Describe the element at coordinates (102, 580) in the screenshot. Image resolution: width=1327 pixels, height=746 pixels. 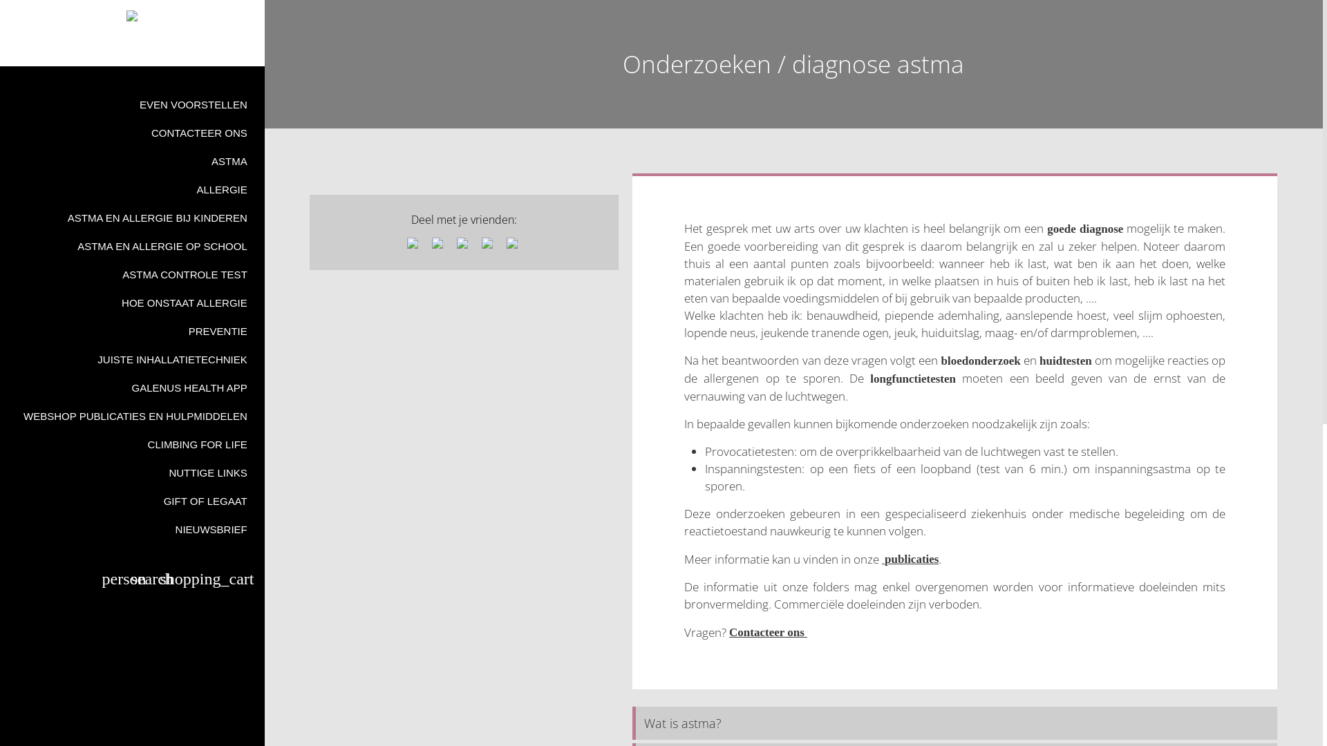
I see `'person'` at that location.